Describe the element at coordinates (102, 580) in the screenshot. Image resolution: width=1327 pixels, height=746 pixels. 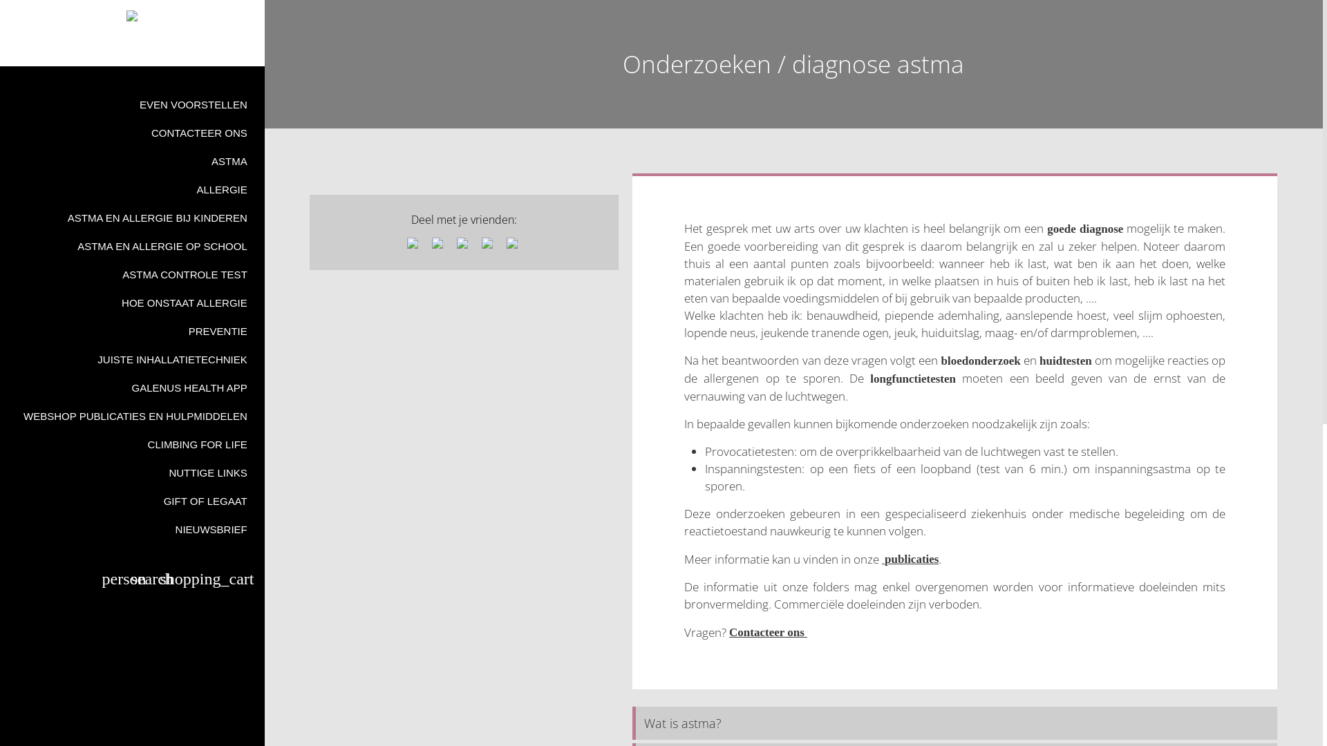
I see `'person'` at that location.